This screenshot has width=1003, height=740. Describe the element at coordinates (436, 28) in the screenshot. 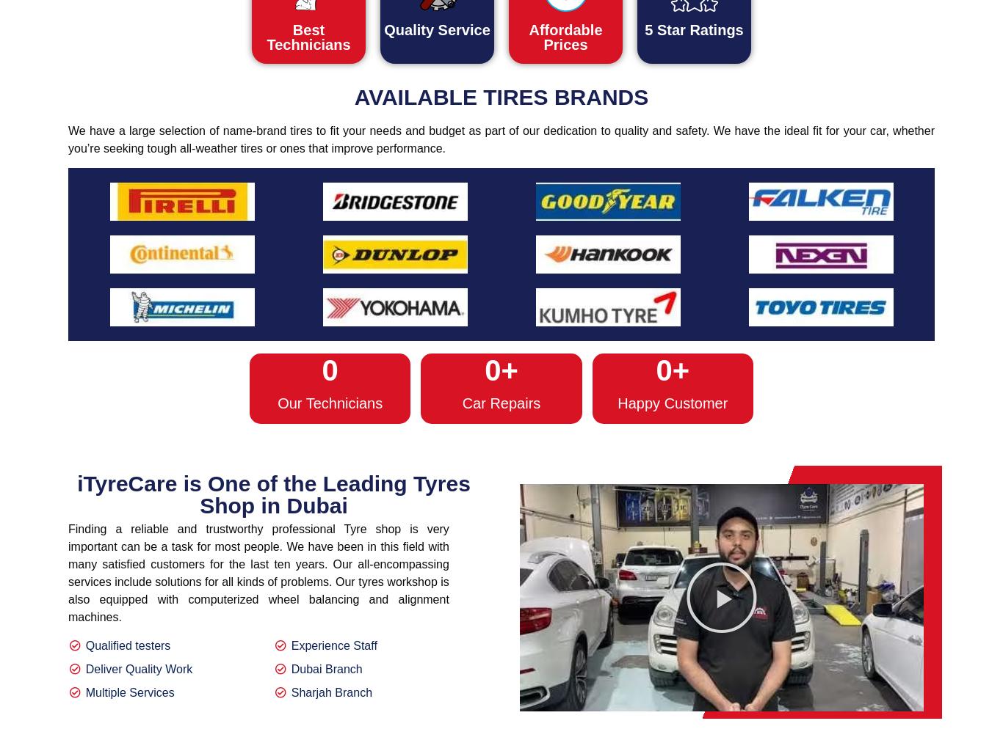

I see `'Quality Service'` at that location.